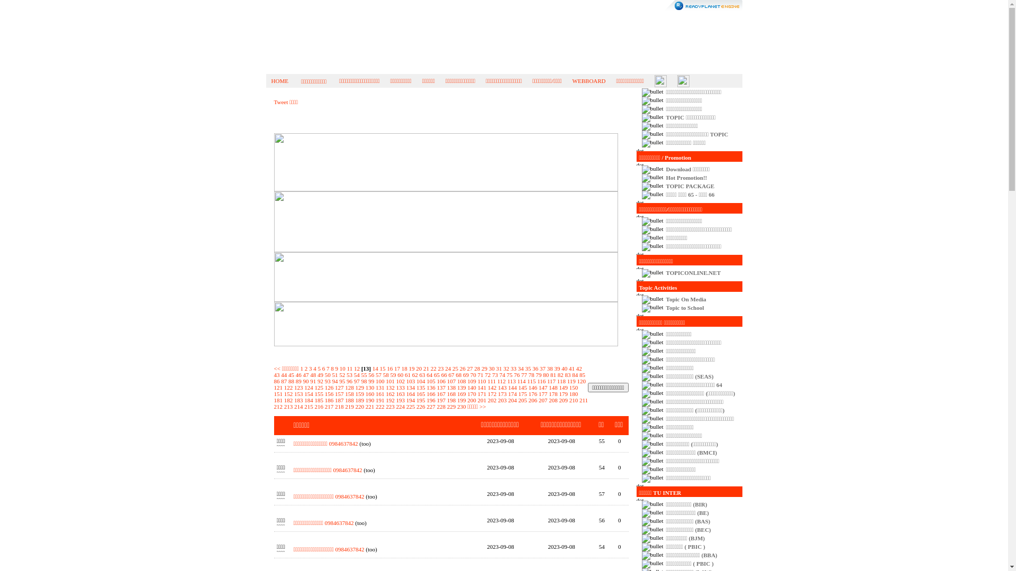 Image resolution: width=1016 pixels, height=571 pixels. Describe the element at coordinates (400, 406) in the screenshot. I see `'224'` at that location.